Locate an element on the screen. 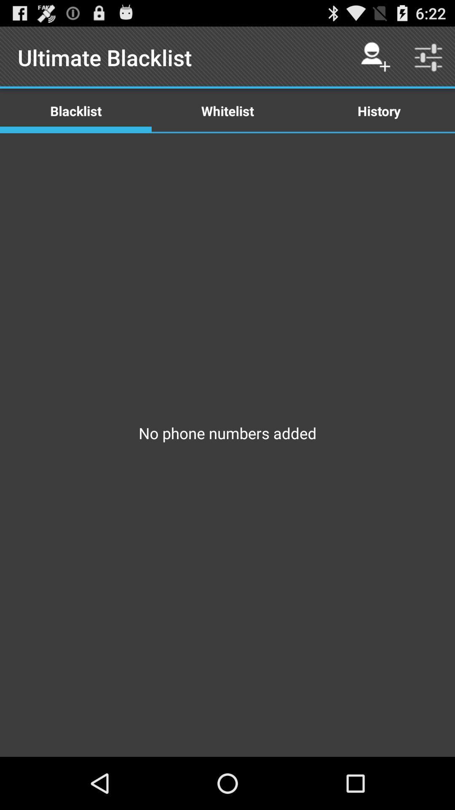 The height and width of the screenshot is (810, 455). the app below ultimate blacklist app is located at coordinates (227, 110).